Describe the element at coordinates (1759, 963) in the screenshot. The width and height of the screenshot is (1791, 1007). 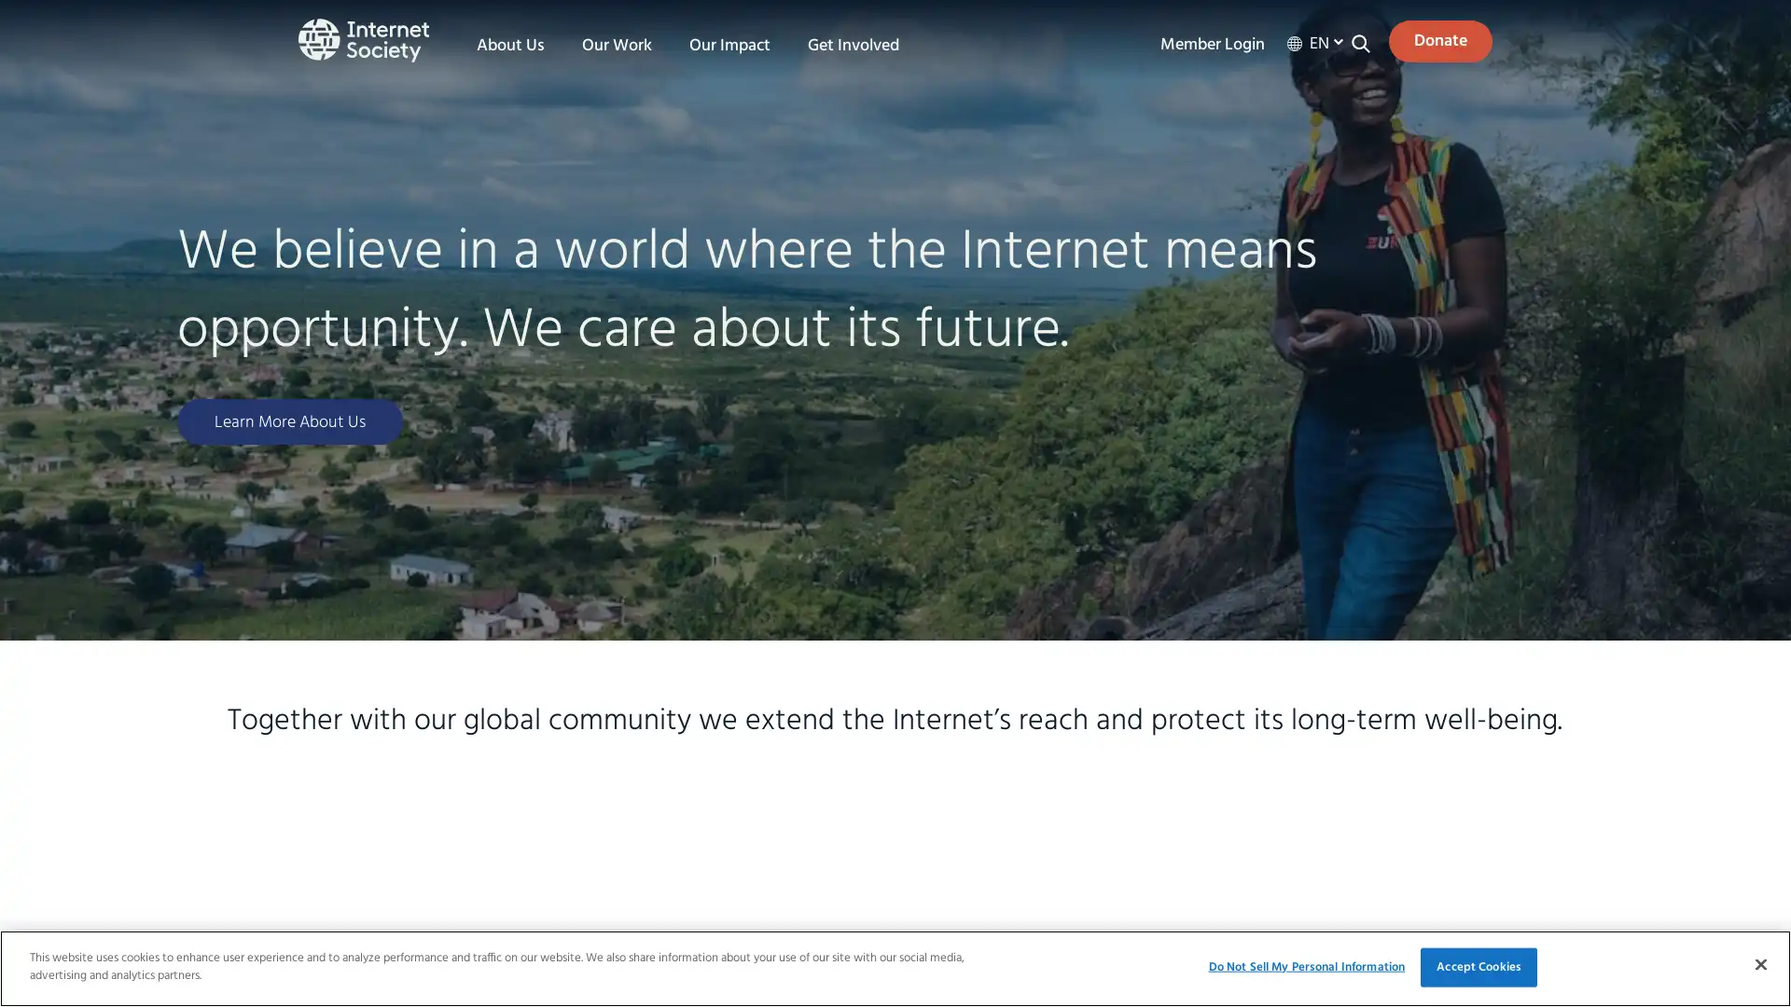
I see `Close` at that location.